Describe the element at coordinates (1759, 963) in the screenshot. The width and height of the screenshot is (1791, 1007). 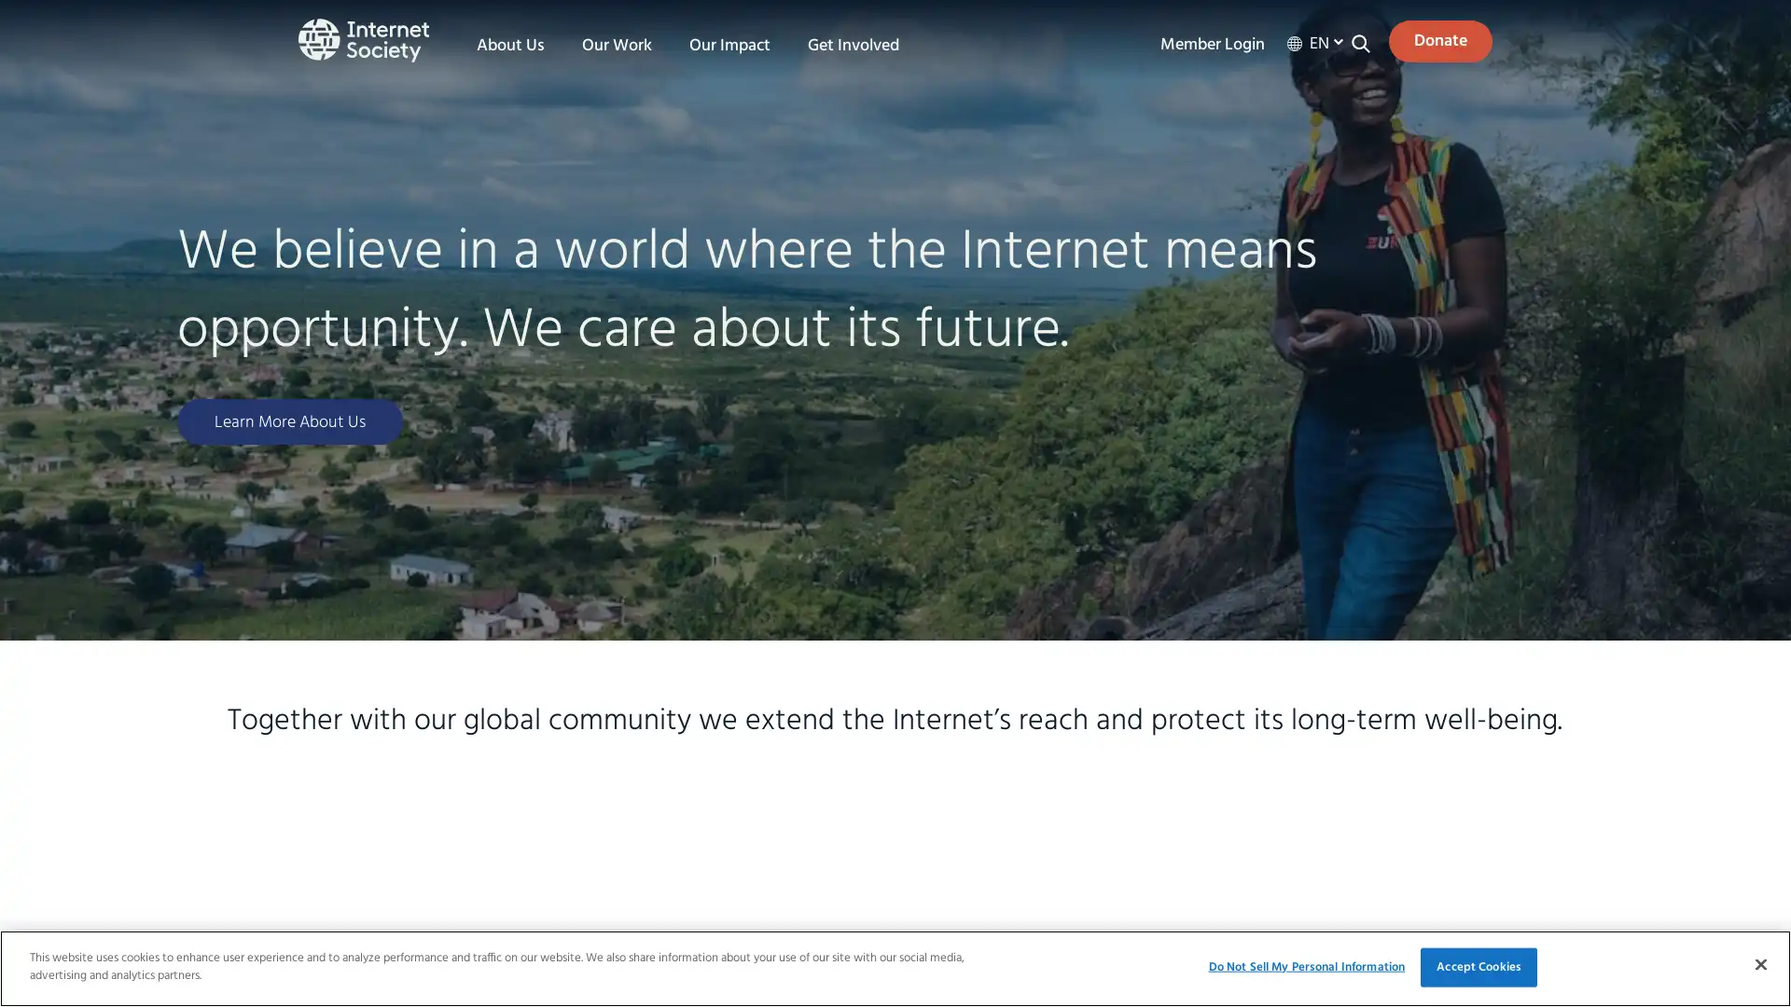
I see `Close` at that location.